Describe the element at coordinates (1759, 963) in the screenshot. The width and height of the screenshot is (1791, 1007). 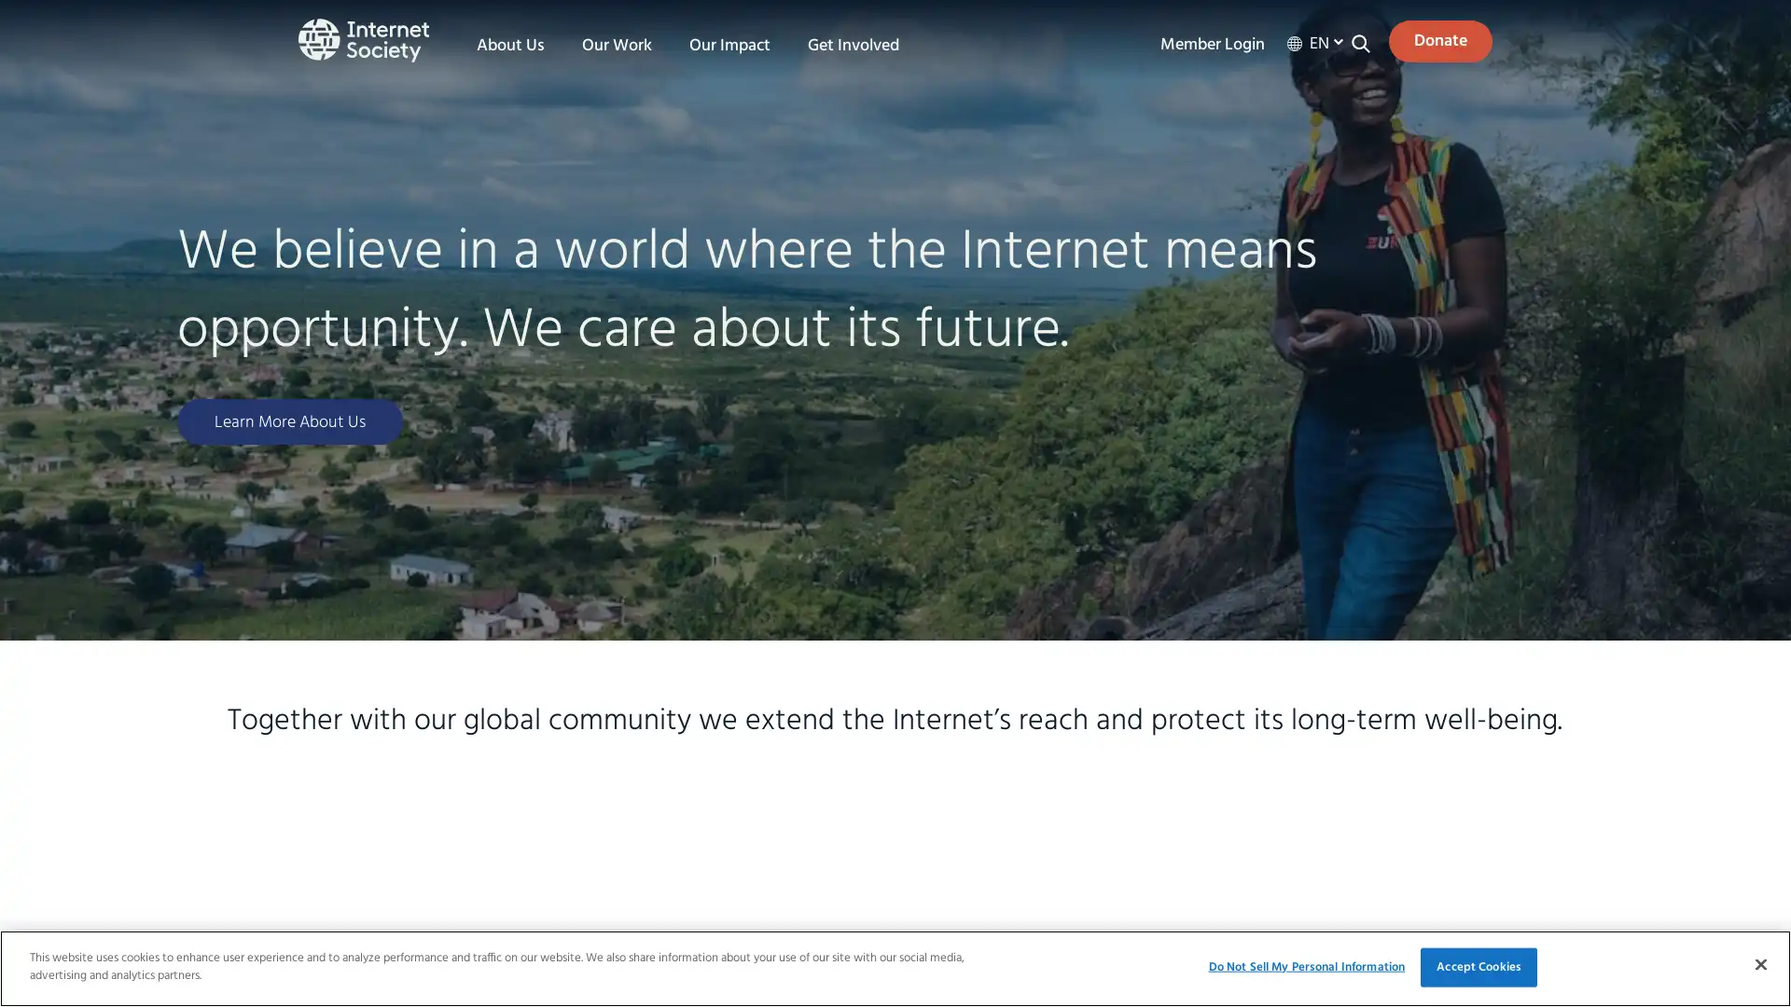
I see `Close` at that location.